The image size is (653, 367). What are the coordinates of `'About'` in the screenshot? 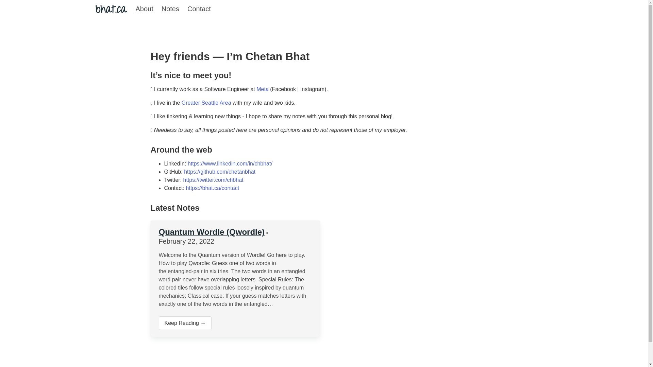 It's located at (131, 9).